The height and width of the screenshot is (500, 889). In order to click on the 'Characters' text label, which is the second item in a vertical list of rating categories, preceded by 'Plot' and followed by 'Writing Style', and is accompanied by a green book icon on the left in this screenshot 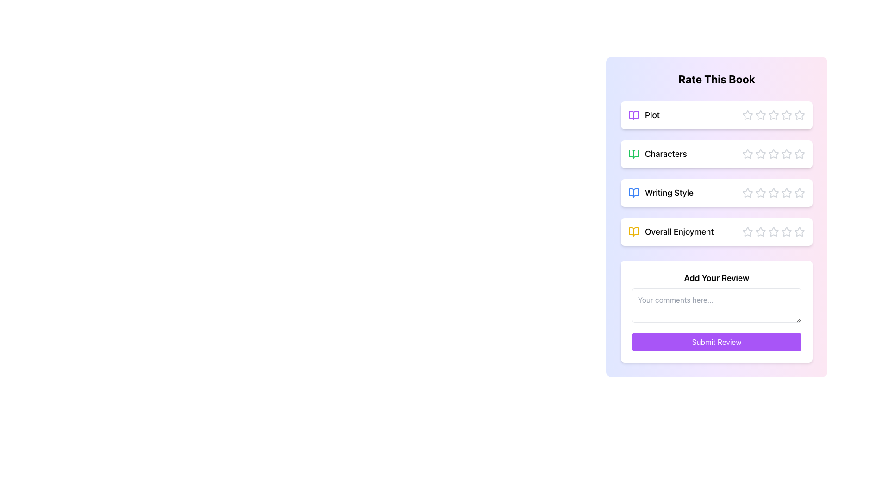, I will do `click(665, 153)`.